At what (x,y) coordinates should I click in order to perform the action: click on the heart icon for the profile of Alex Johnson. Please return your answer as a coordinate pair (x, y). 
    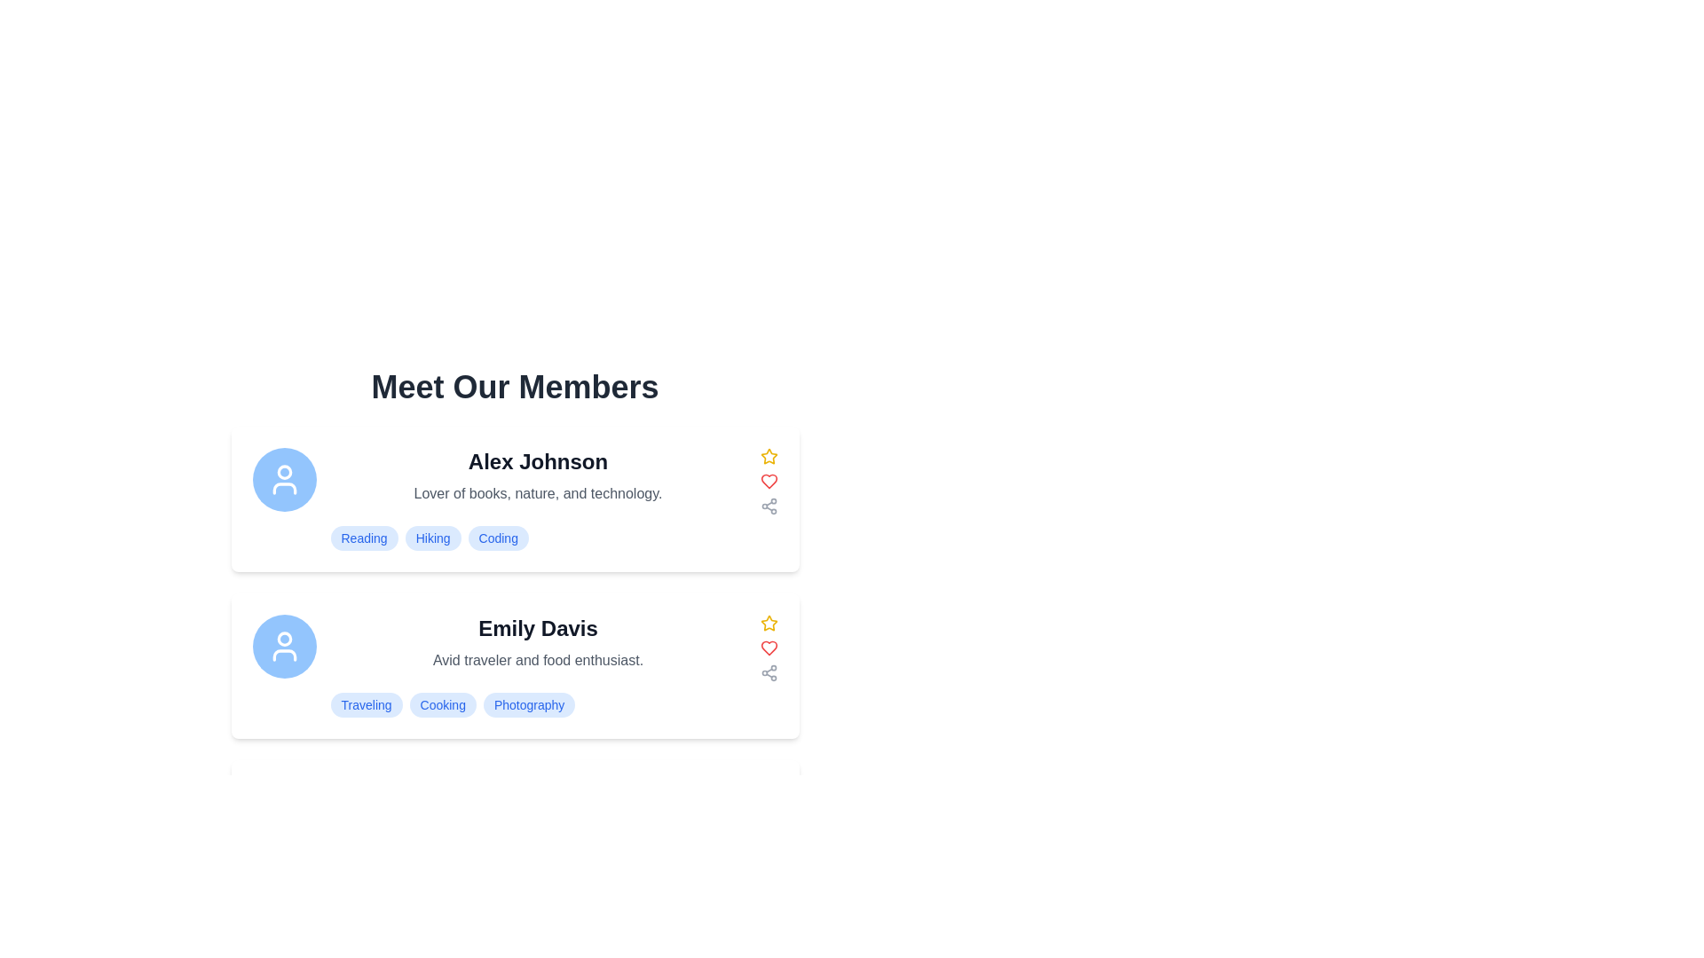
    Looking at the image, I should click on (769, 482).